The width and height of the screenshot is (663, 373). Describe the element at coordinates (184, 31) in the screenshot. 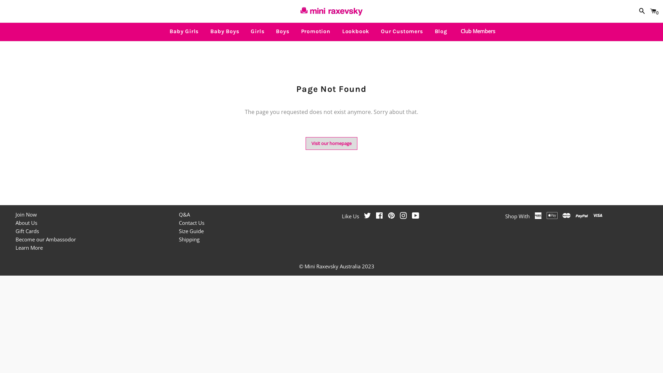

I see `'Baby Girls'` at that location.